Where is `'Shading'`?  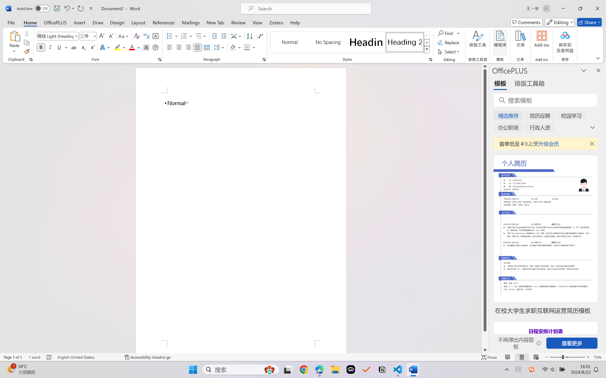
'Shading' is located at coordinates (235, 47).